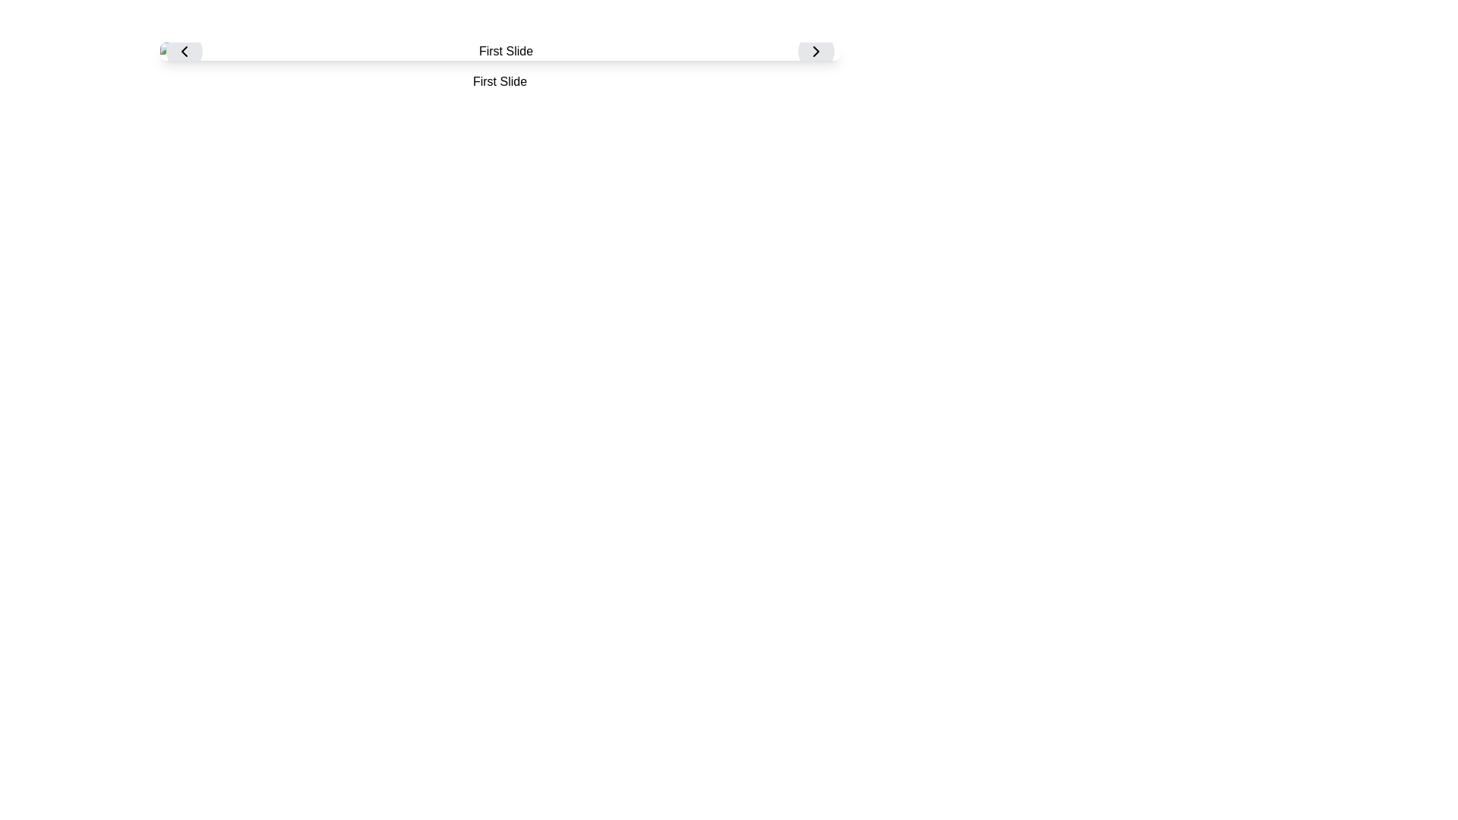 The width and height of the screenshot is (1458, 820). Describe the element at coordinates (183, 51) in the screenshot. I see `the circular button with a gray background and a leftward chevron icon` at that location.